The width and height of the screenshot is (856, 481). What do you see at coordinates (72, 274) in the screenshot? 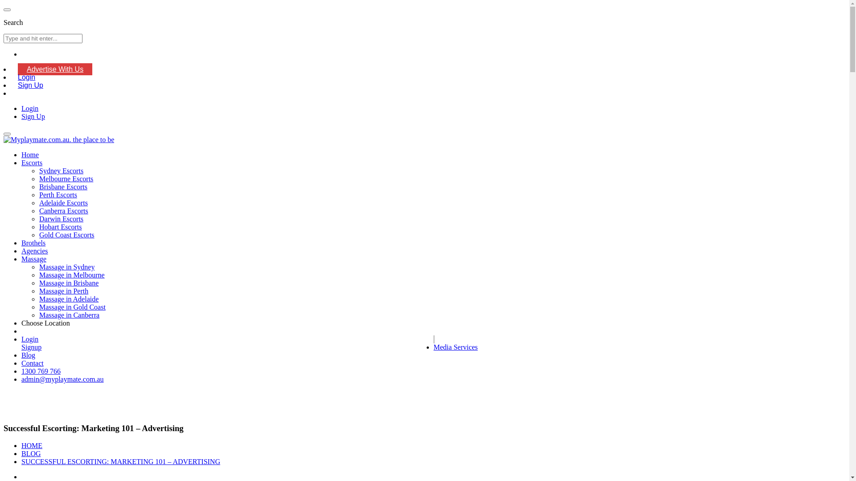
I see `'Massage in Melbourne'` at bounding box center [72, 274].